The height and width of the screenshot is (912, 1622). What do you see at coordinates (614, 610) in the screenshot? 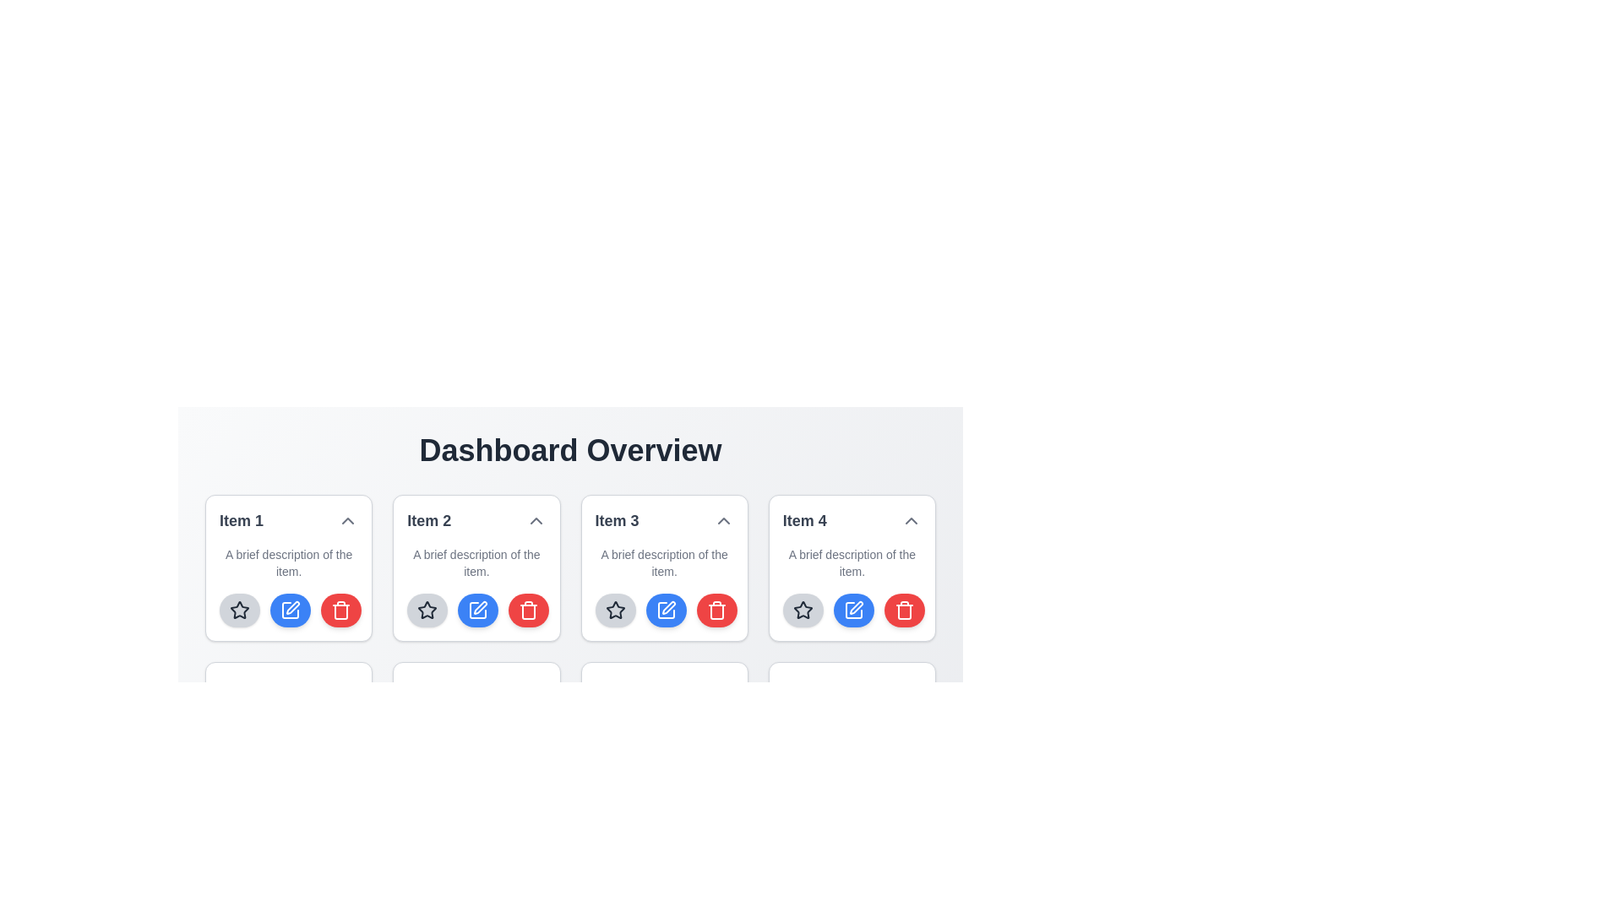
I see `the star icon button located as the leftmost icon in the action button row of the third card in the 'Dashboard Overview' section to mark it as a favorite` at bounding box center [614, 610].